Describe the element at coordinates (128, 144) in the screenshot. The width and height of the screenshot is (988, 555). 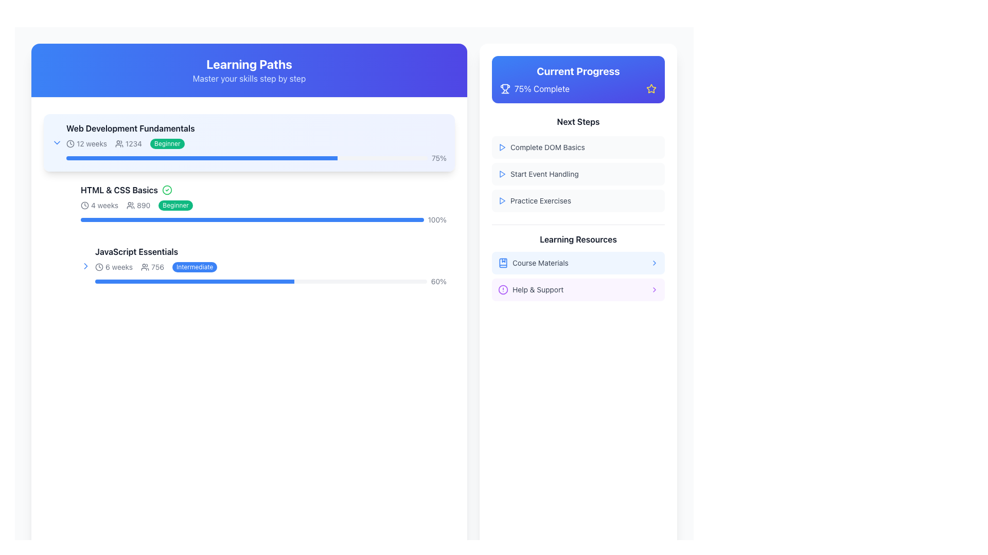
I see `the text displaying '1234' with the associated icon of a group of people, located in the first entry of the 'Web Development Fundamentals' list` at that location.